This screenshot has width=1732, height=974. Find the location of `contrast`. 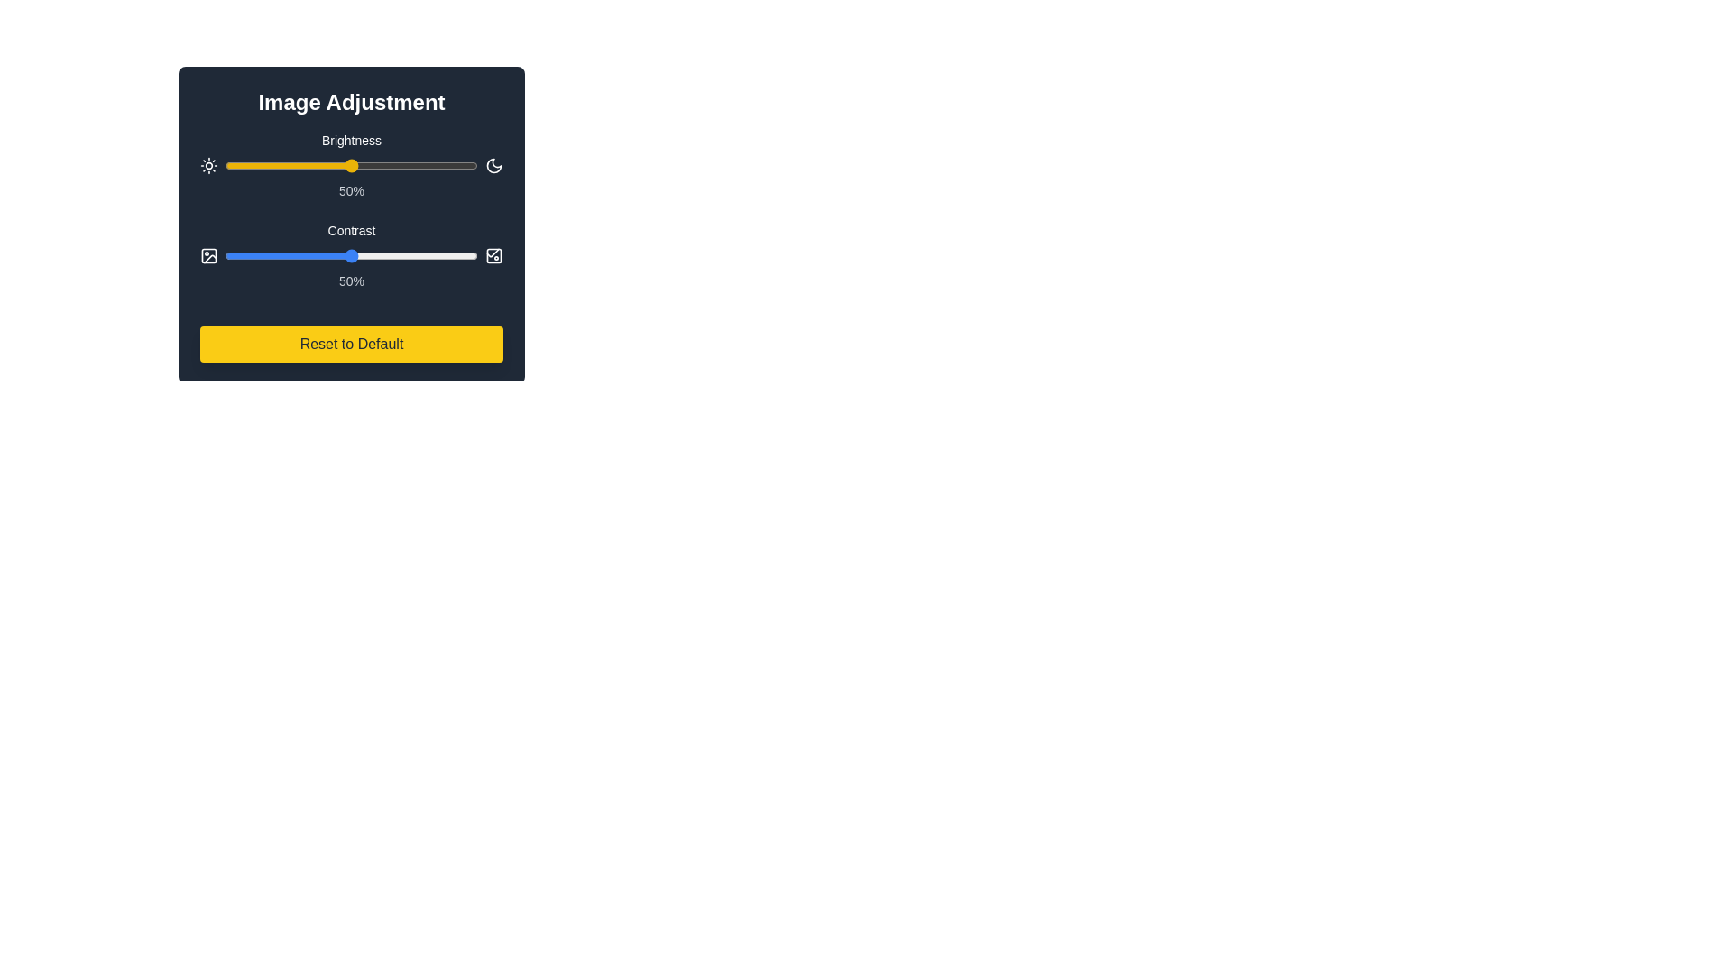

contrast is located at coordinates (293, 256).